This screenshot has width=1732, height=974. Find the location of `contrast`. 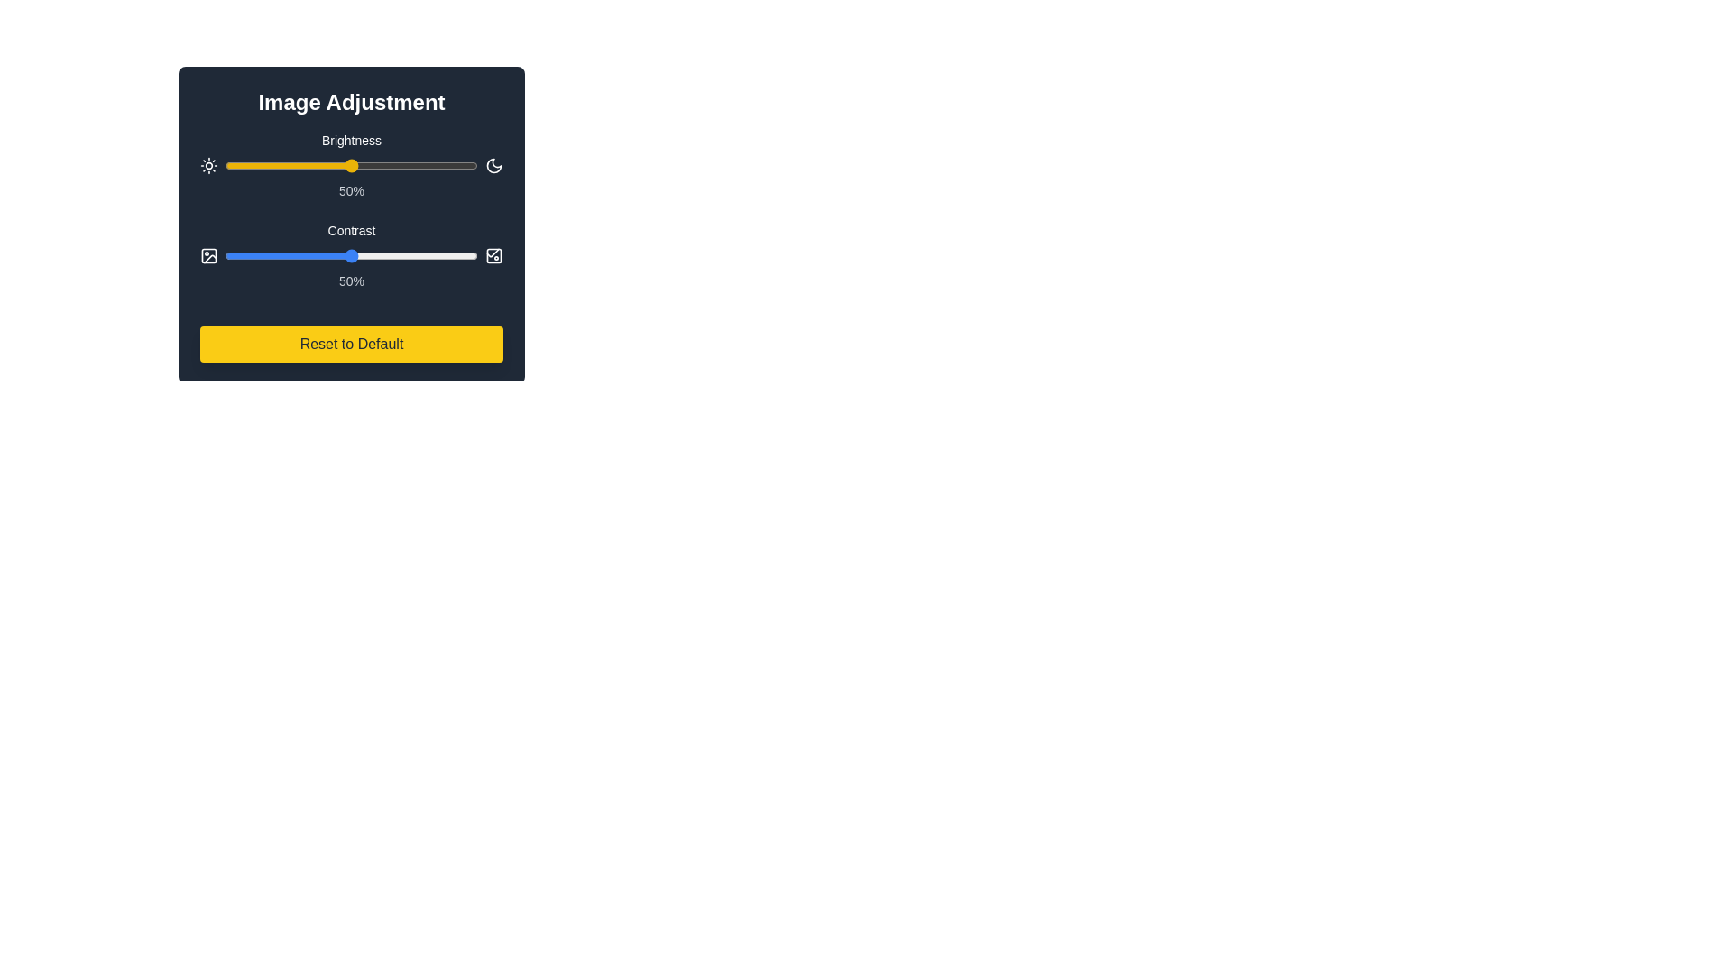

contrast is located at coordinates (293, 256).